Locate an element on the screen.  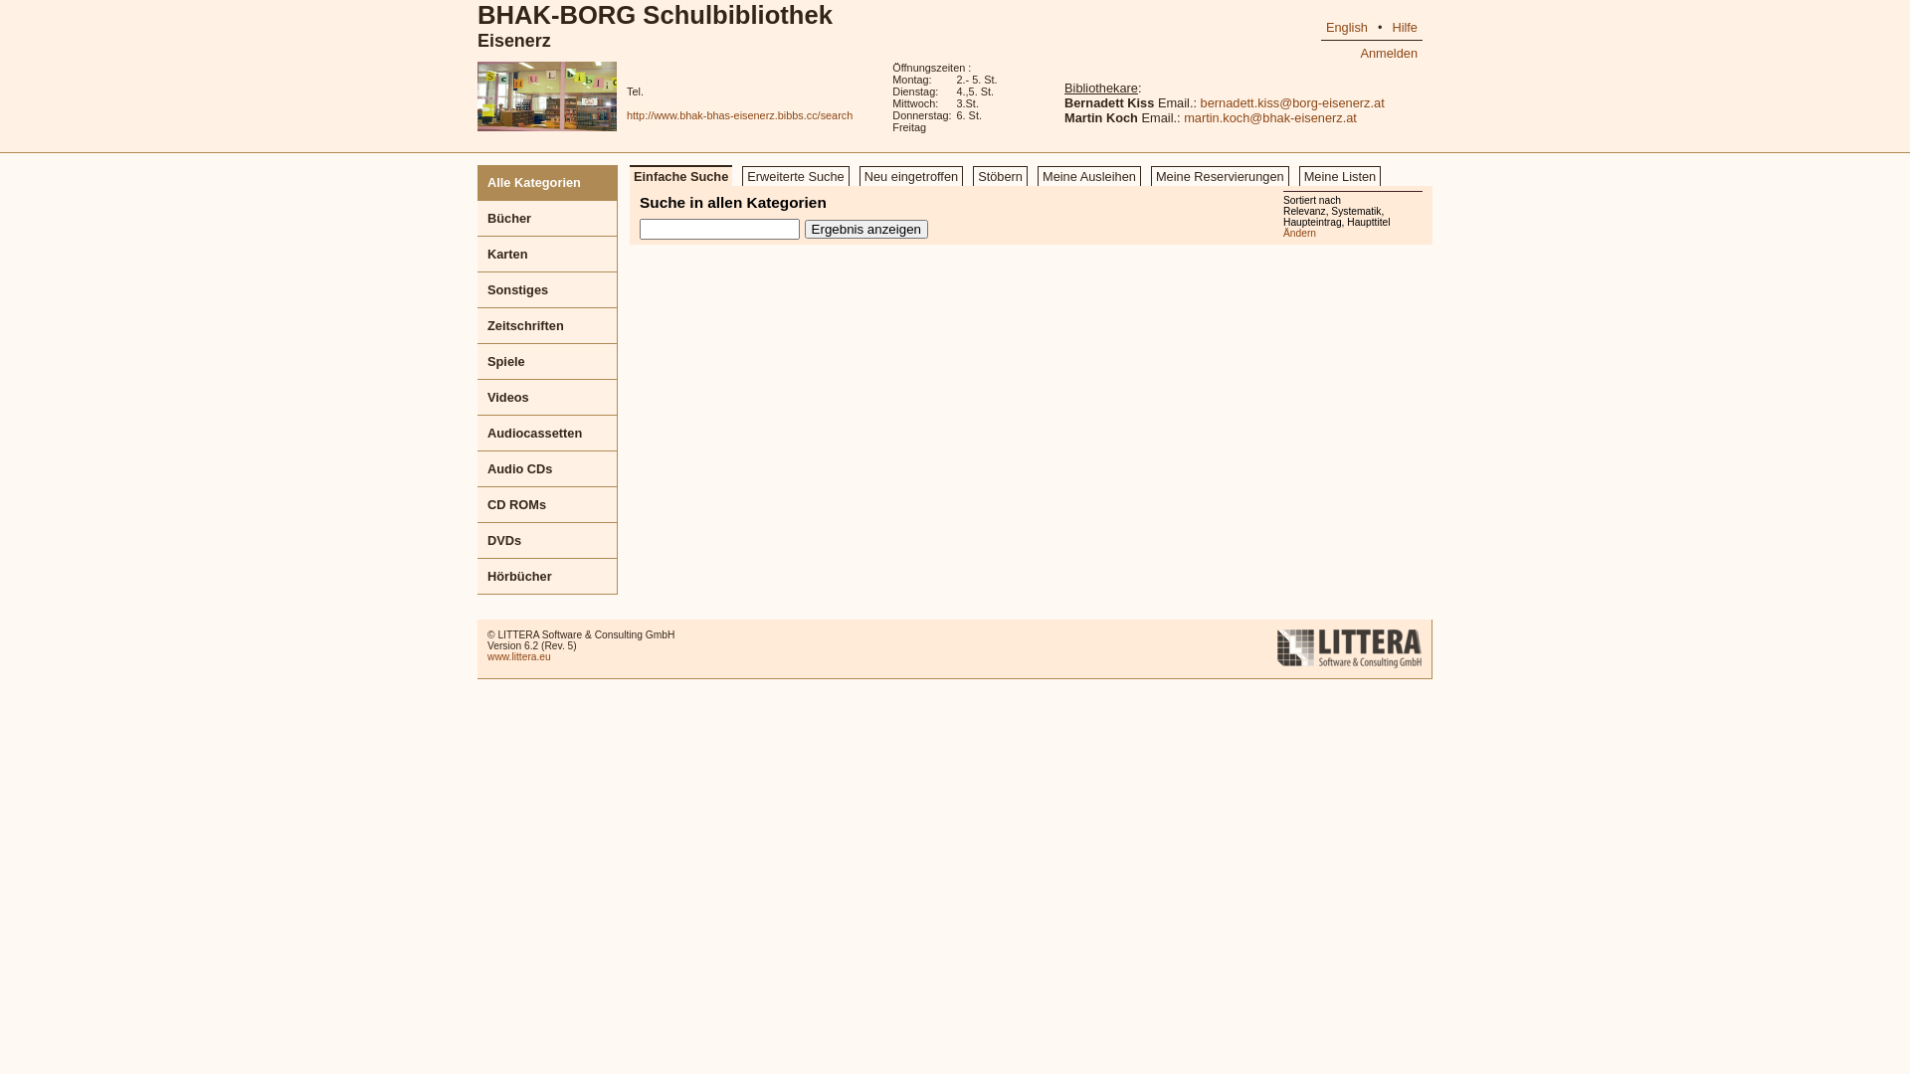
'www.littera.eu' is located at coordinates (519, 656).